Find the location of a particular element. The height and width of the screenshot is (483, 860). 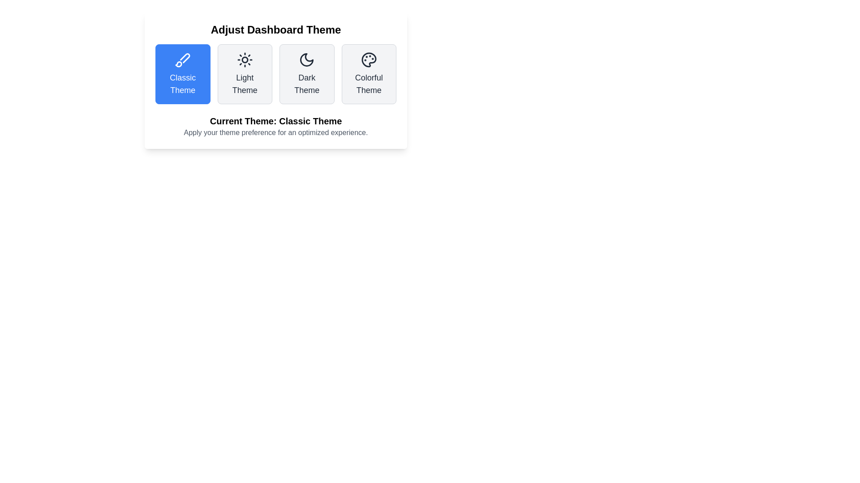

the Text label that communicates the currently selected theme, located below the theme buttons in the 'Adjust Dashboard Theme' section is located at coordinates (275, 121).